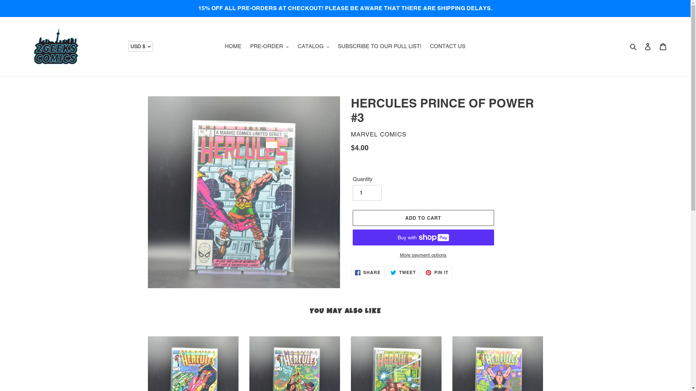  I want to click on 'HOME', so click(233, 46).